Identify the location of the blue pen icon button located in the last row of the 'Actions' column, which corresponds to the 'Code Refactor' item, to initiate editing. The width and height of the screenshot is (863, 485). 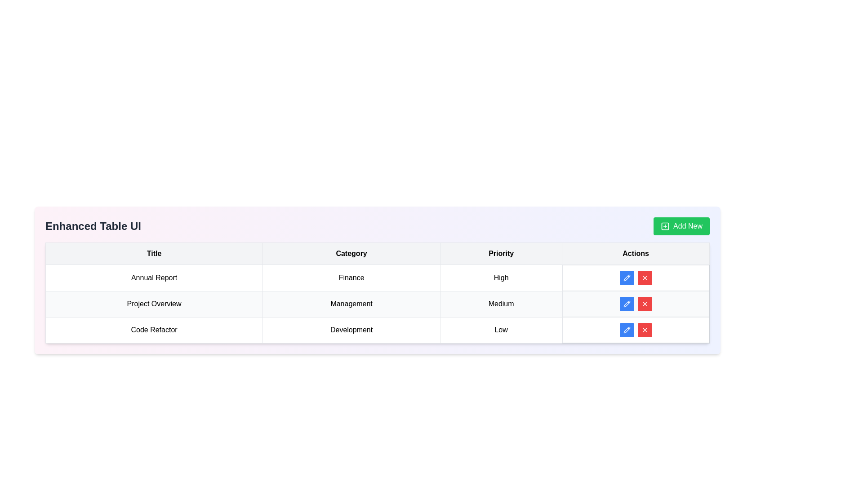
(626, 329).